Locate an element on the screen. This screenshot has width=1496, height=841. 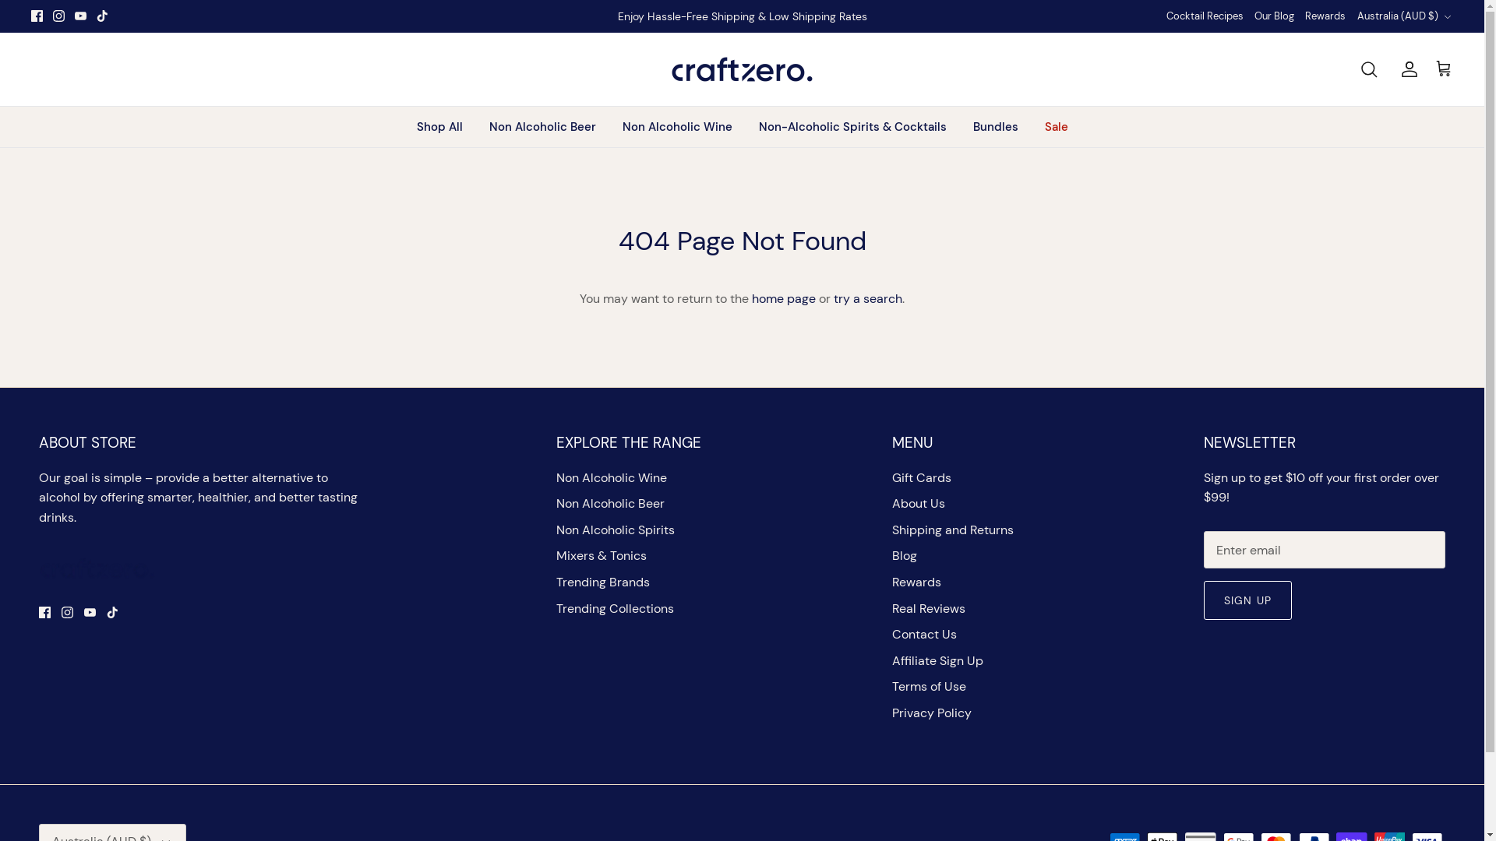
'Cart' is located at coordinates (1442, 68).